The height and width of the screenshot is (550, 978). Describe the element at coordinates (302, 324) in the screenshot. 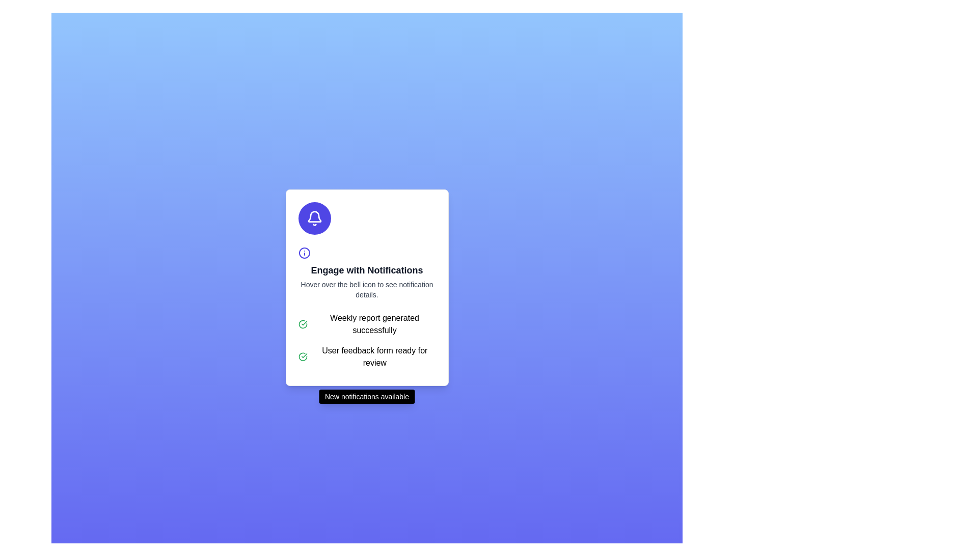

I see `the visual representation of the green circular checkmark icon located to the left of the text 'User feedback form ready for review' within the 'Engage with Notifications' section of the notification card` at that location.